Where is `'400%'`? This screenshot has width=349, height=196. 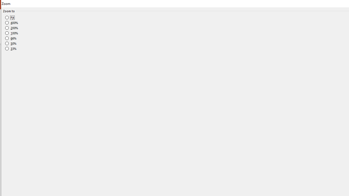
'400%' is located at coordinates (12, 23).